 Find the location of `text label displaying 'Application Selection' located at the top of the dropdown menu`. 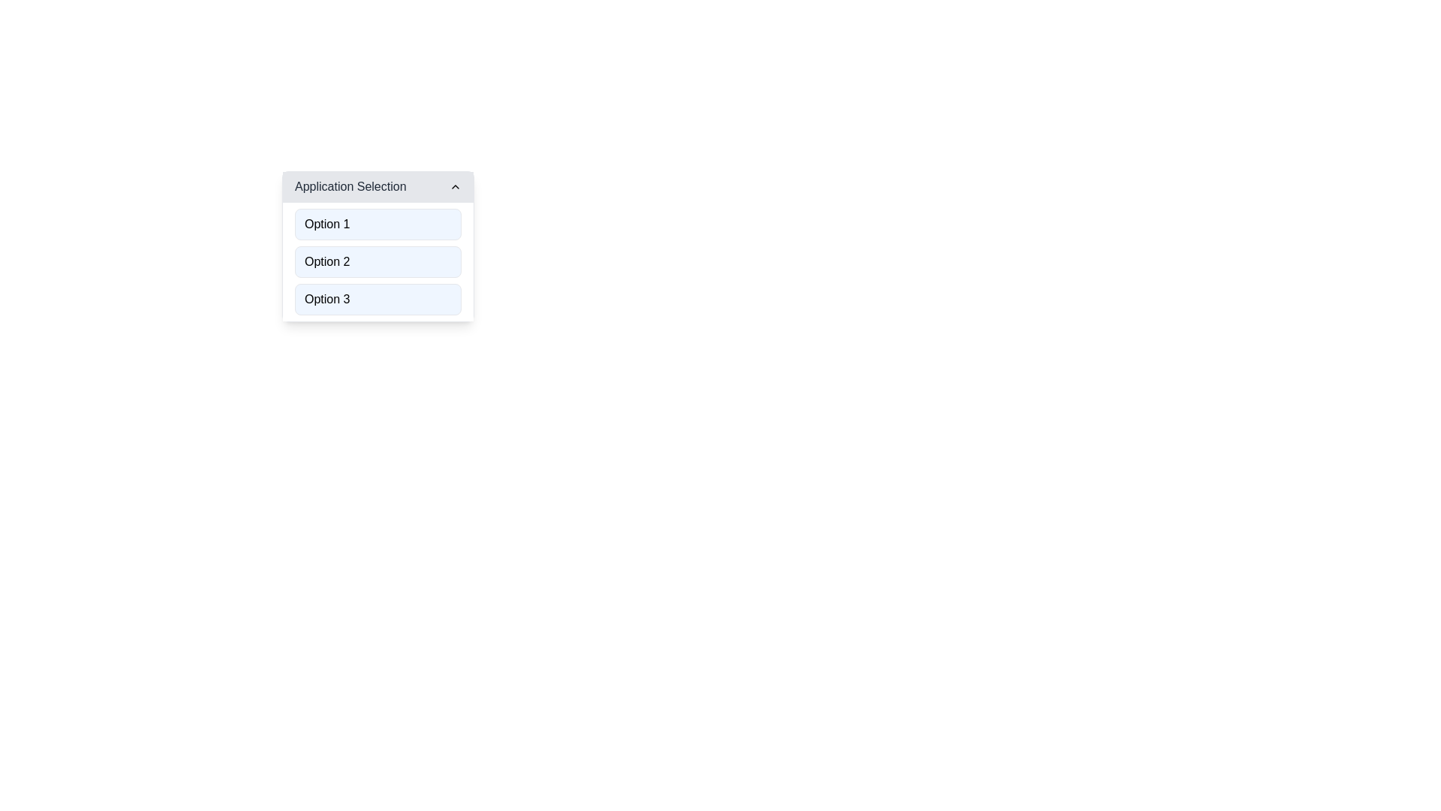

text label displaying 'Application Selection' located at the top of the dropdown menu is located at coordinates (350, 186).